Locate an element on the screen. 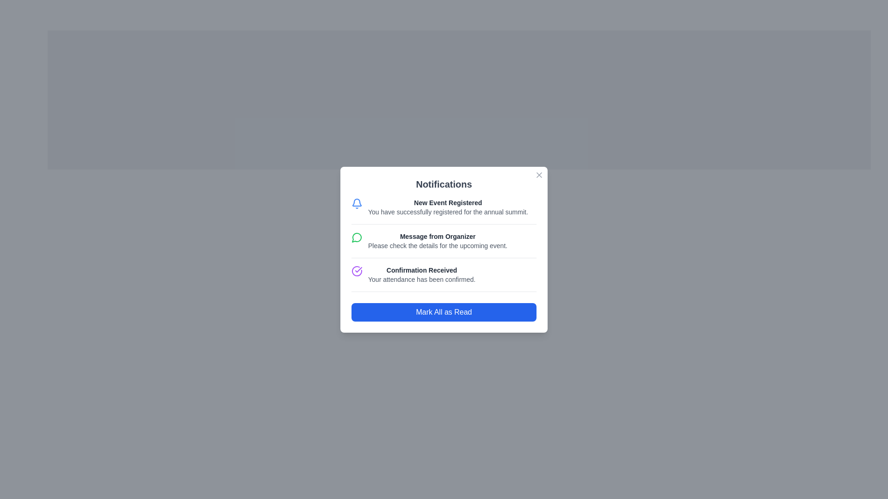 The image size is (888, 499). the Text Label that serves as a title or heading for the notification, indicating the message is from an organizer is located at coordinates (437, 236).